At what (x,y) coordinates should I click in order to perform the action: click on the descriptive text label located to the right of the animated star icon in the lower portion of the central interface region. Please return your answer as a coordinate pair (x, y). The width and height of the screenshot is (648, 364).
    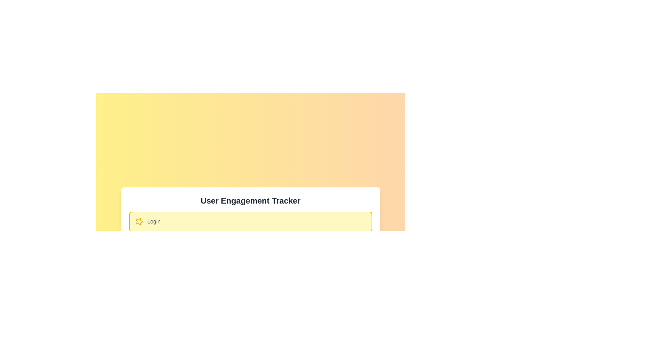
    Looking at the image, I should click on (154, 222).